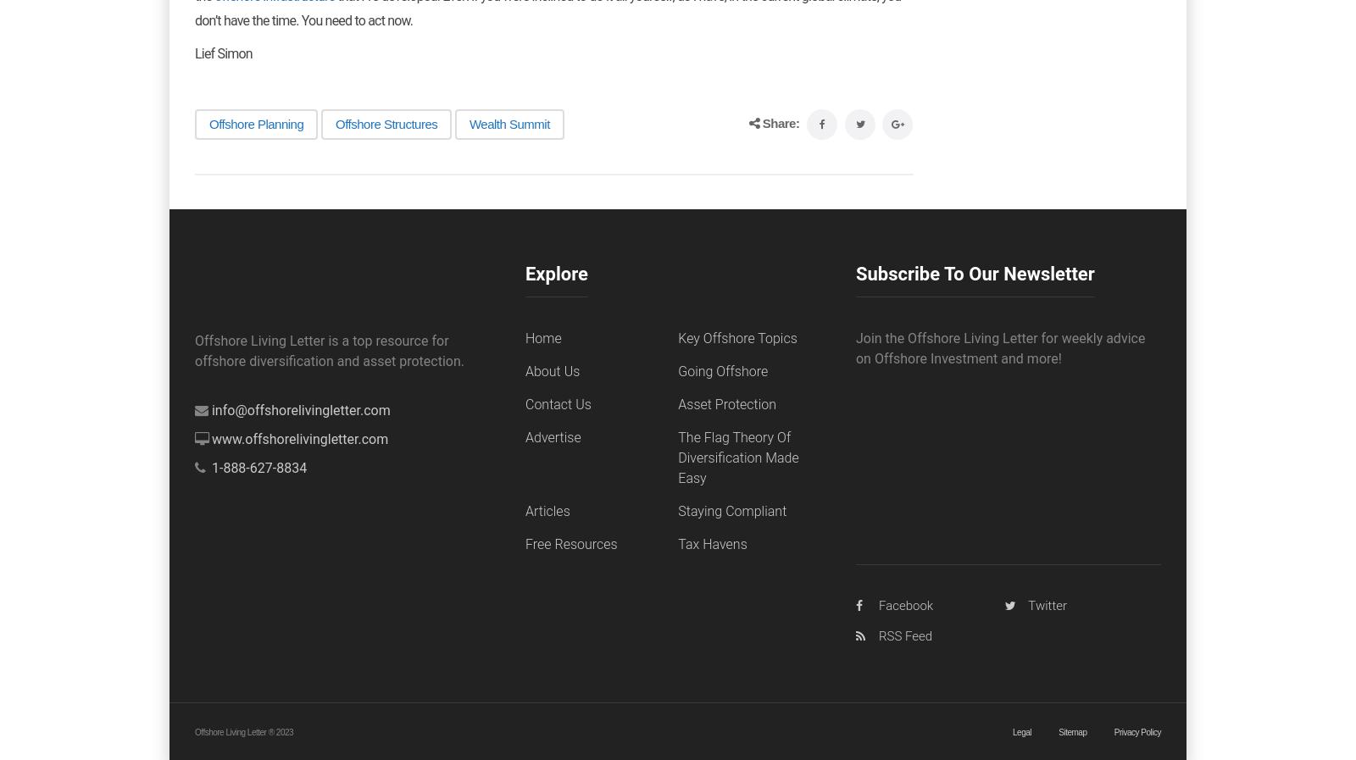 The width and height of the screenshot is (1356, 760). What do you see at coordinates (547, 510) in the screenshot?
I see `'Articles'` at bounding box center [547, 510].